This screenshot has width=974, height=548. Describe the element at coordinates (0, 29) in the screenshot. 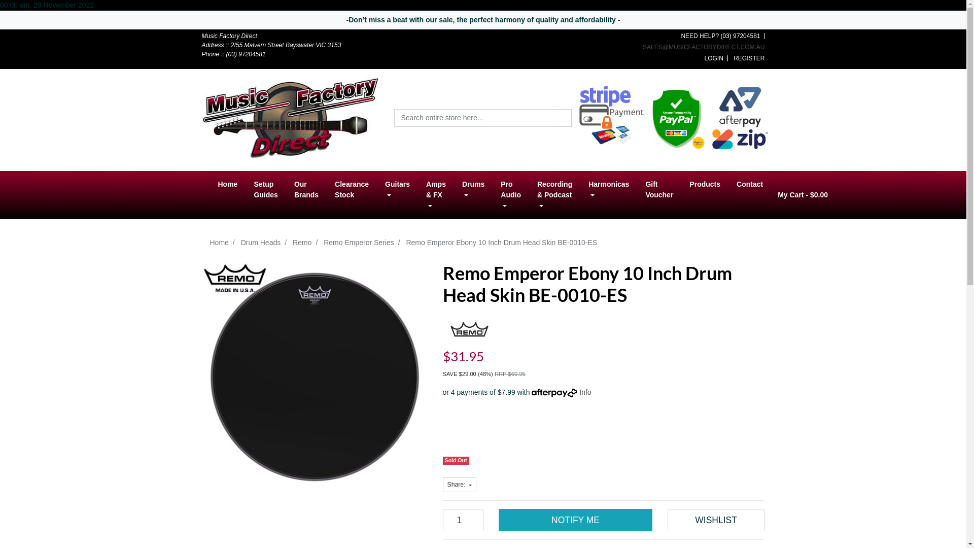

I see `'Skip to main content'` at that location.